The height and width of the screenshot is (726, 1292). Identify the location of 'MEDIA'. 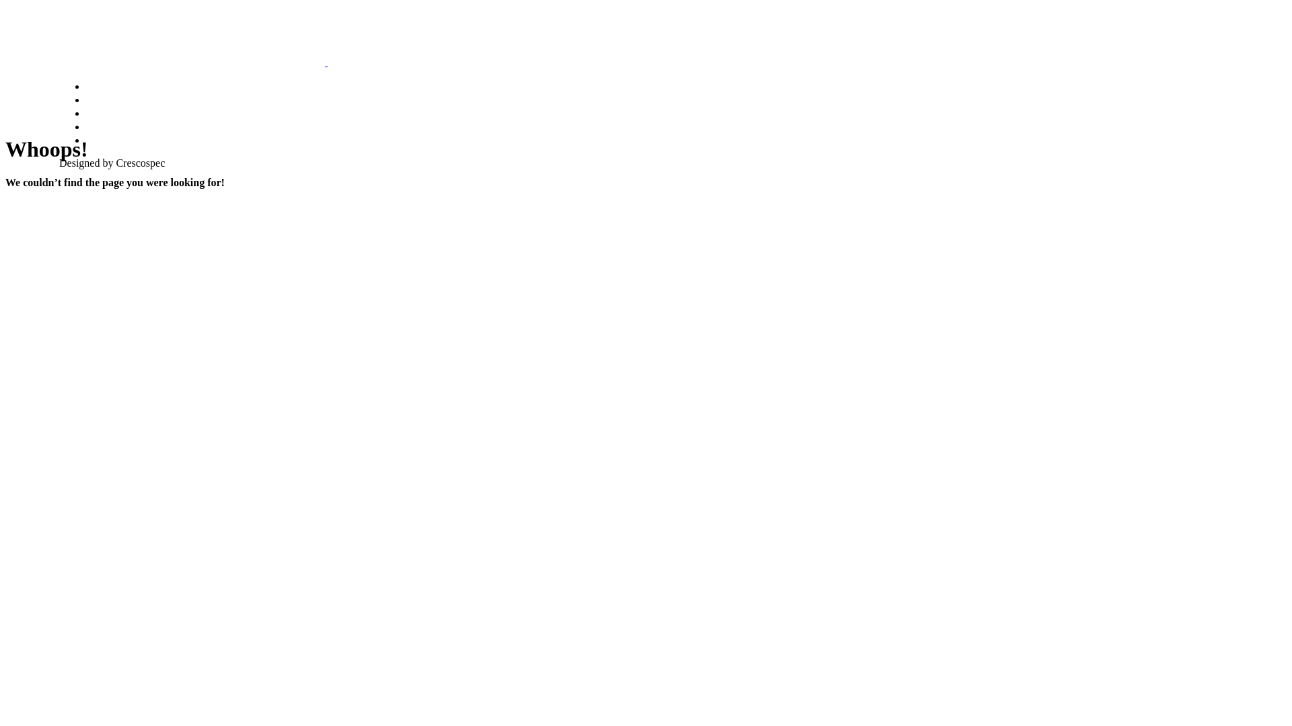
(102, 112).